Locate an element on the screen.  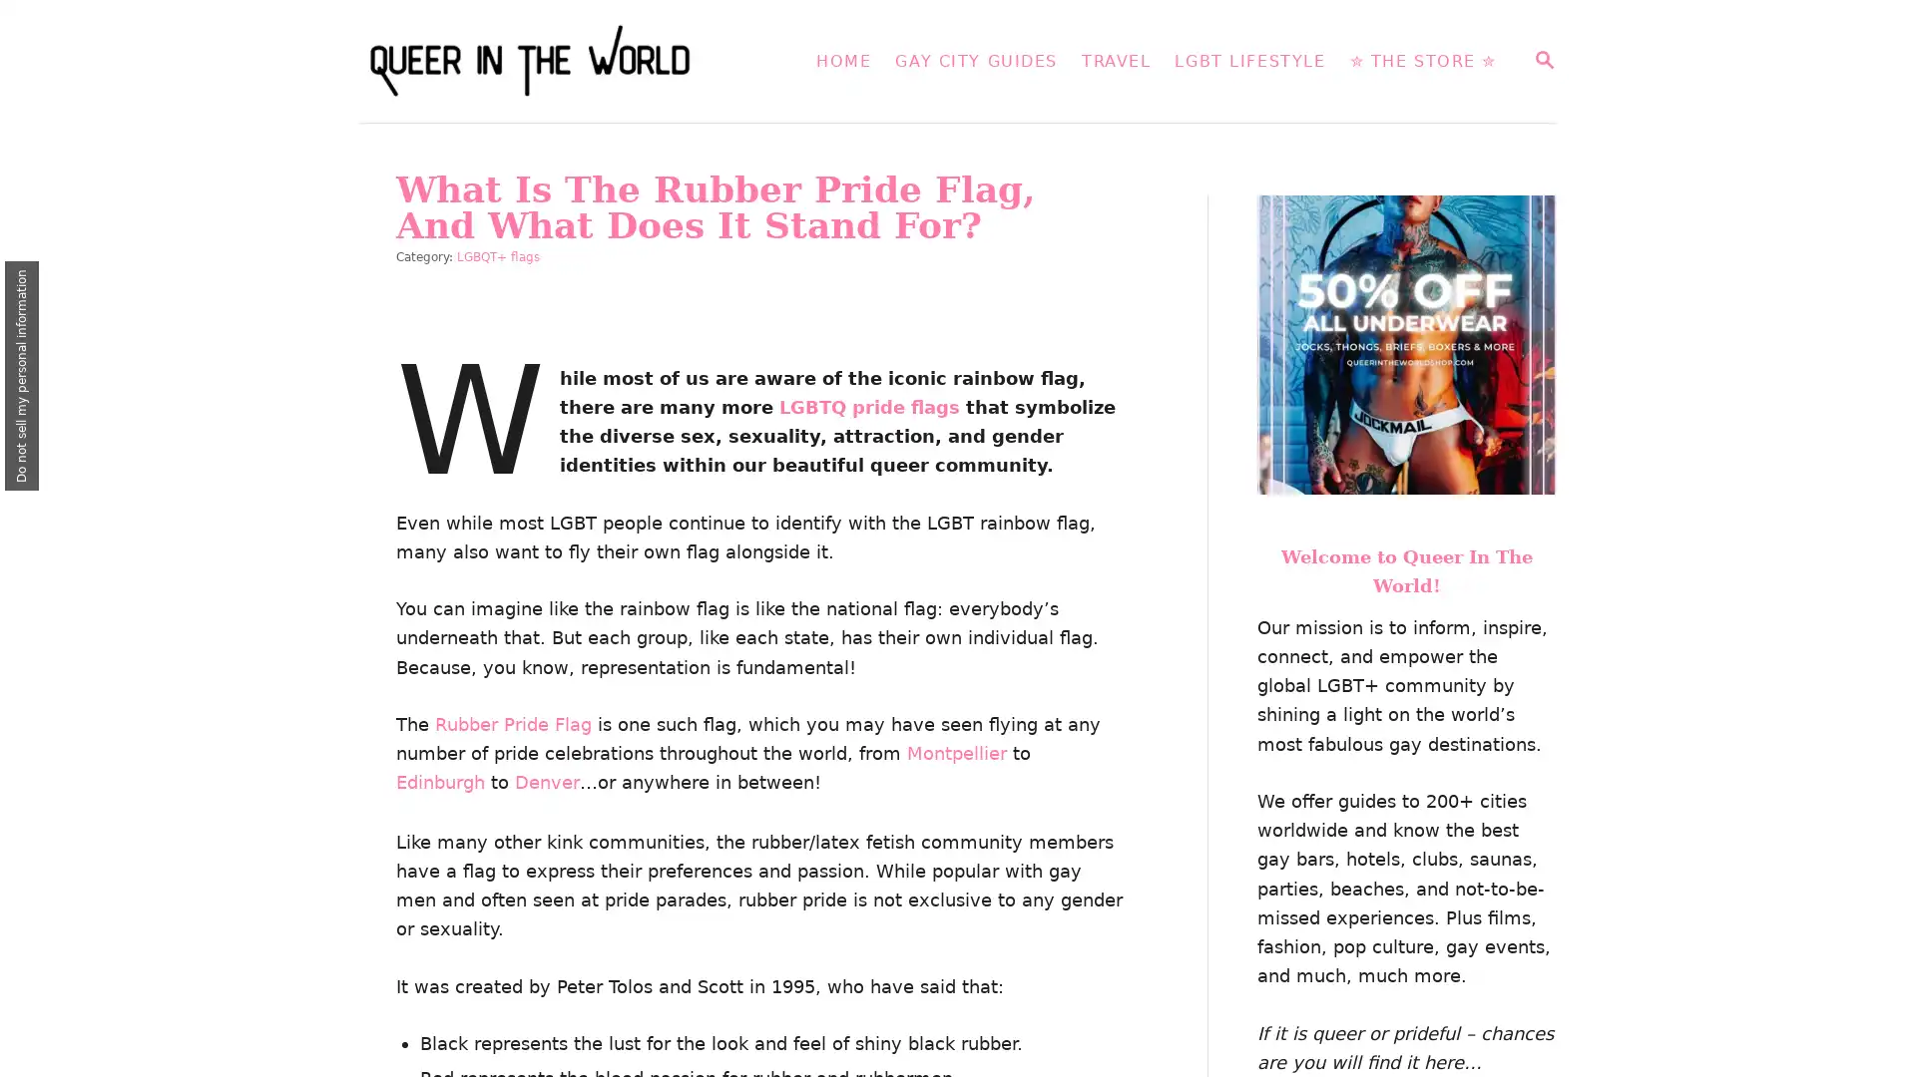
SEARCH Magnifying Glass is located at coordinates (1543, 60).